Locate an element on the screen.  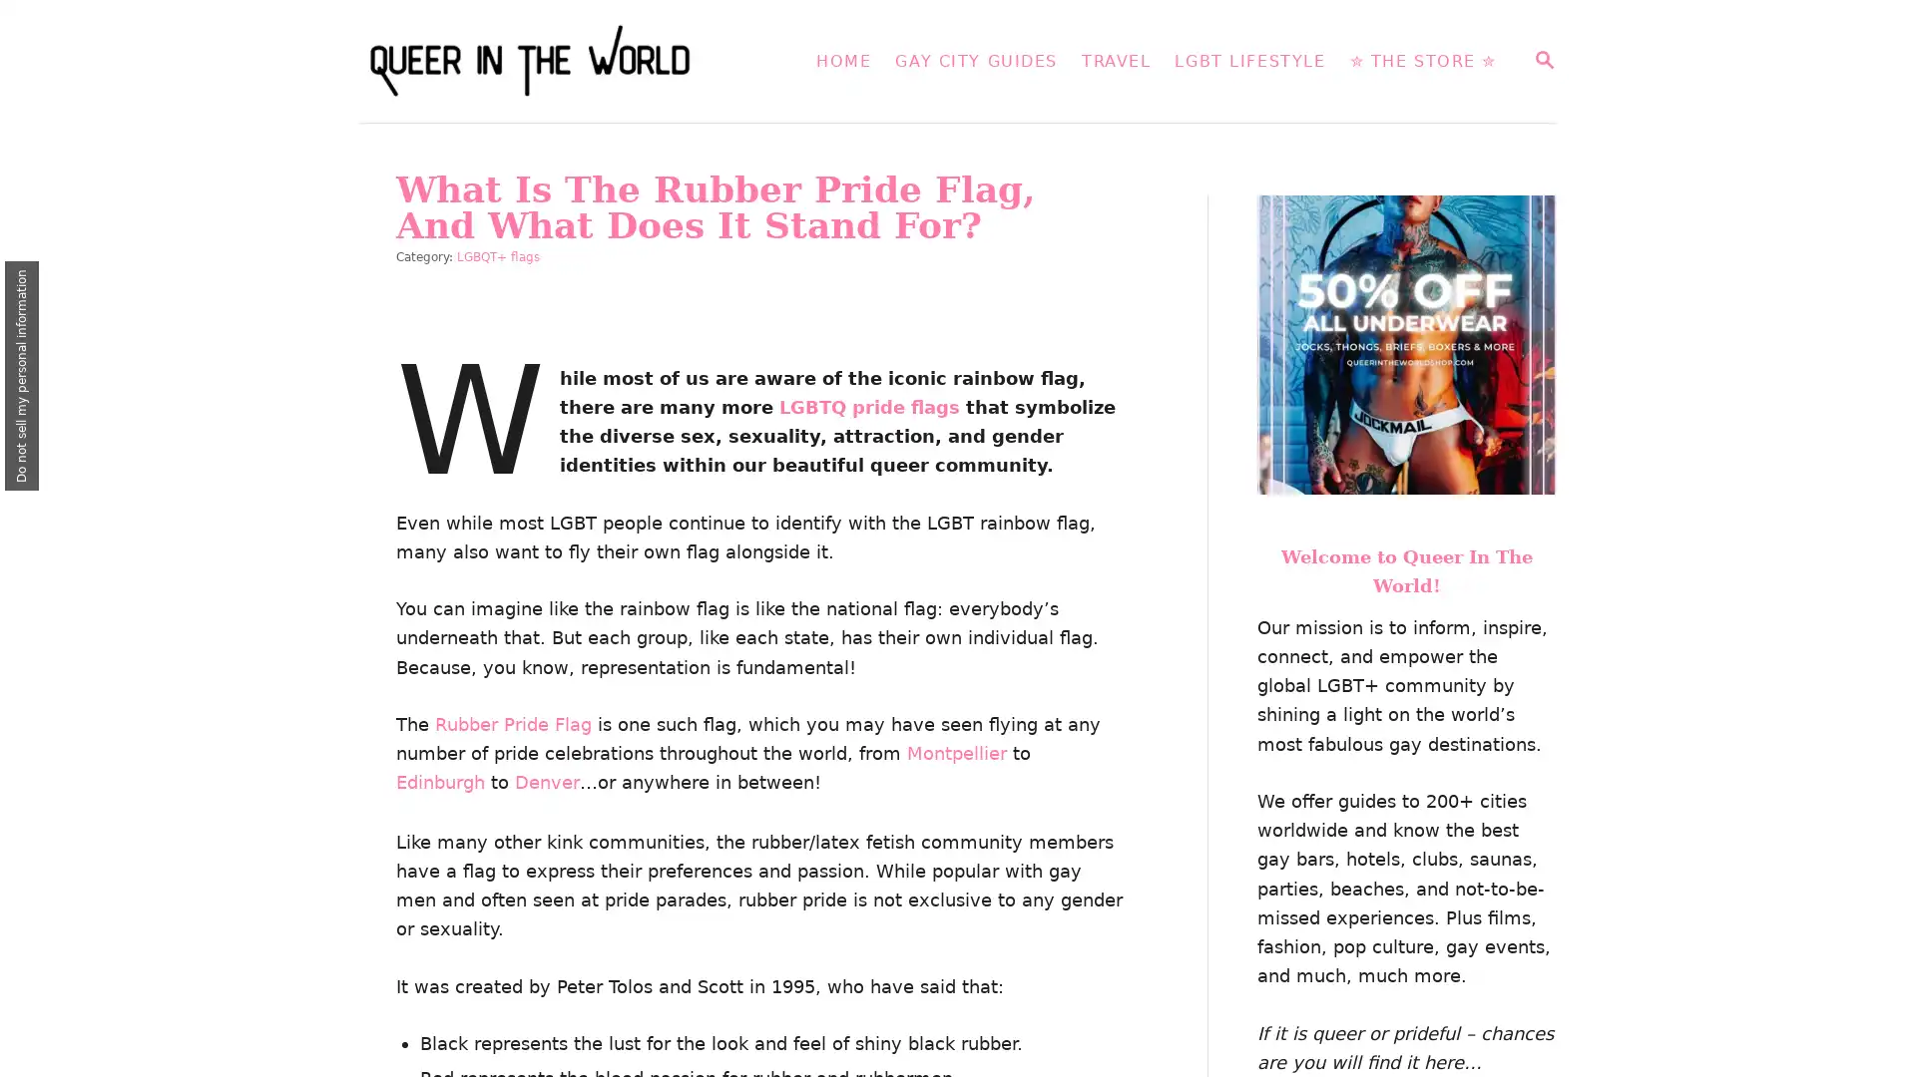
SEARCH Magnifying Glass is located at coordinates (1543, 60).